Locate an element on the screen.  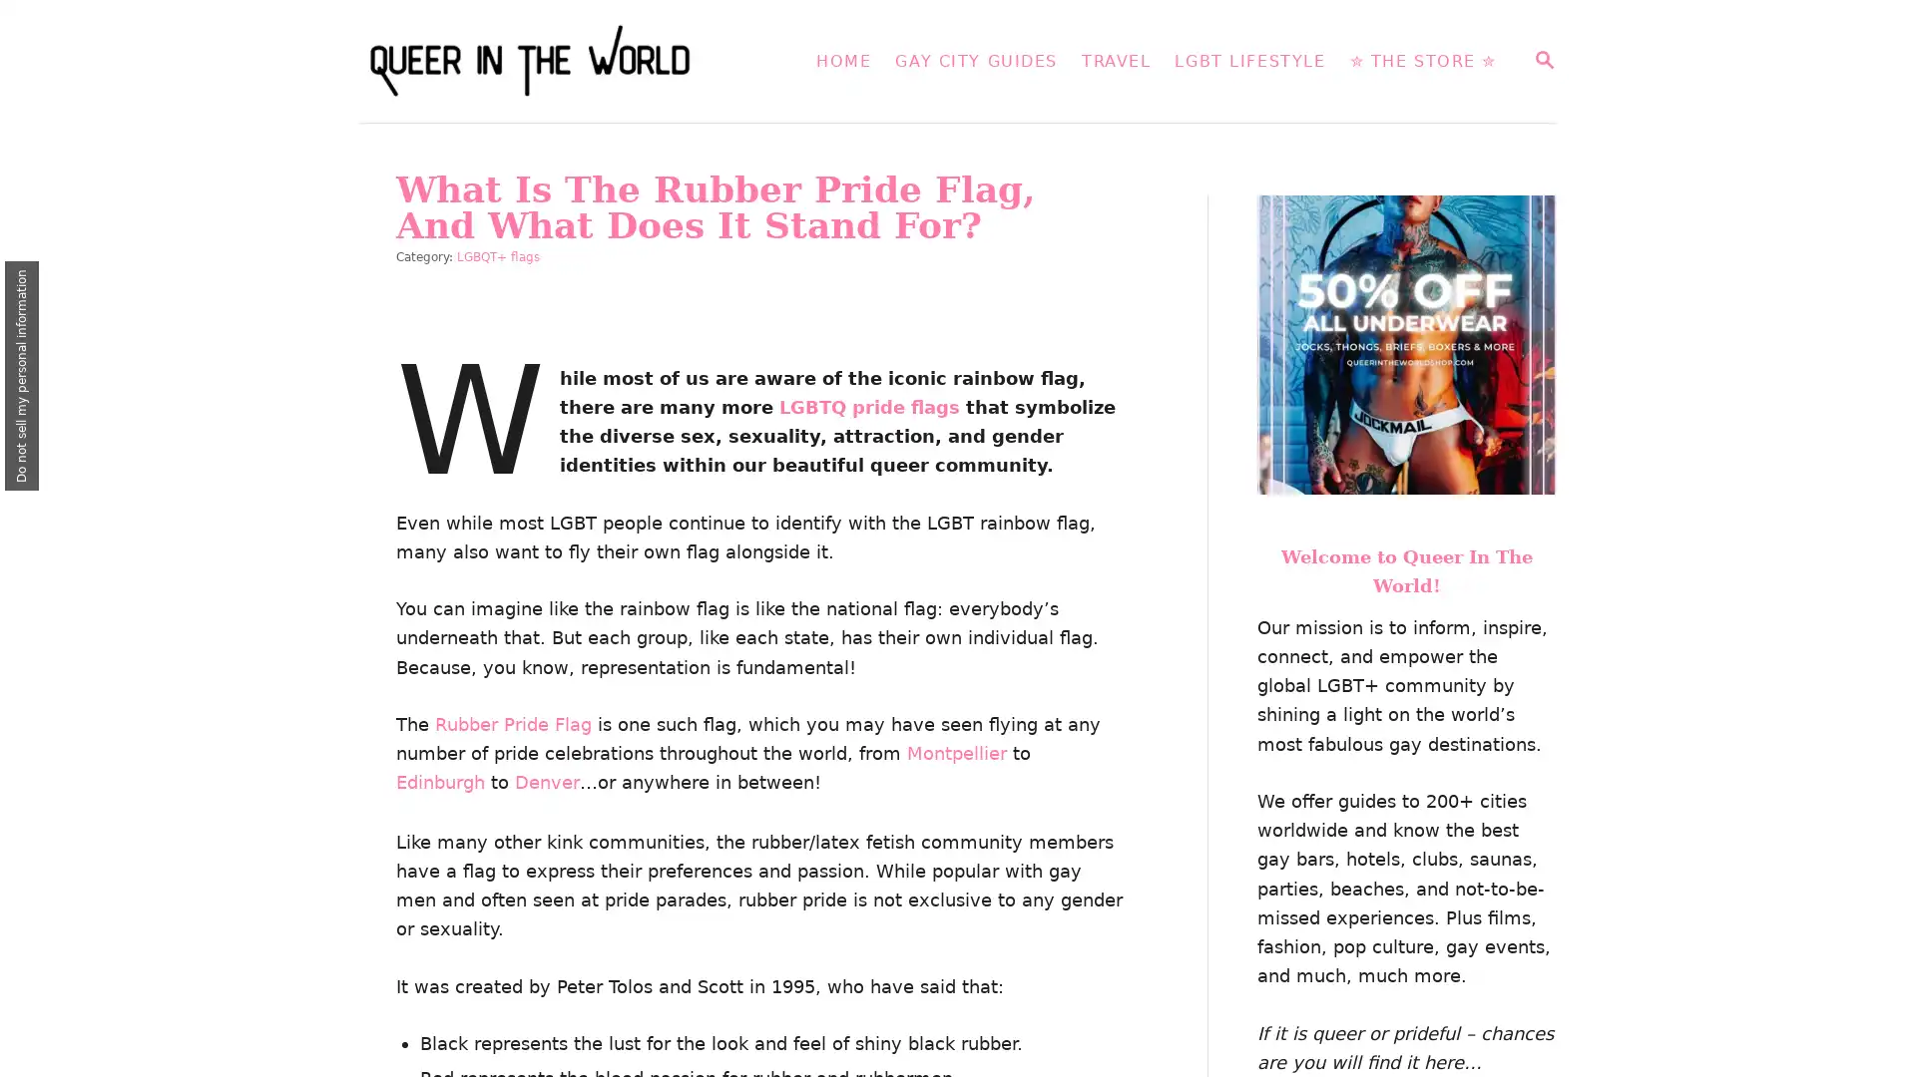
SEARCH Magnifying Glass is located at coordinates (1543, 60).